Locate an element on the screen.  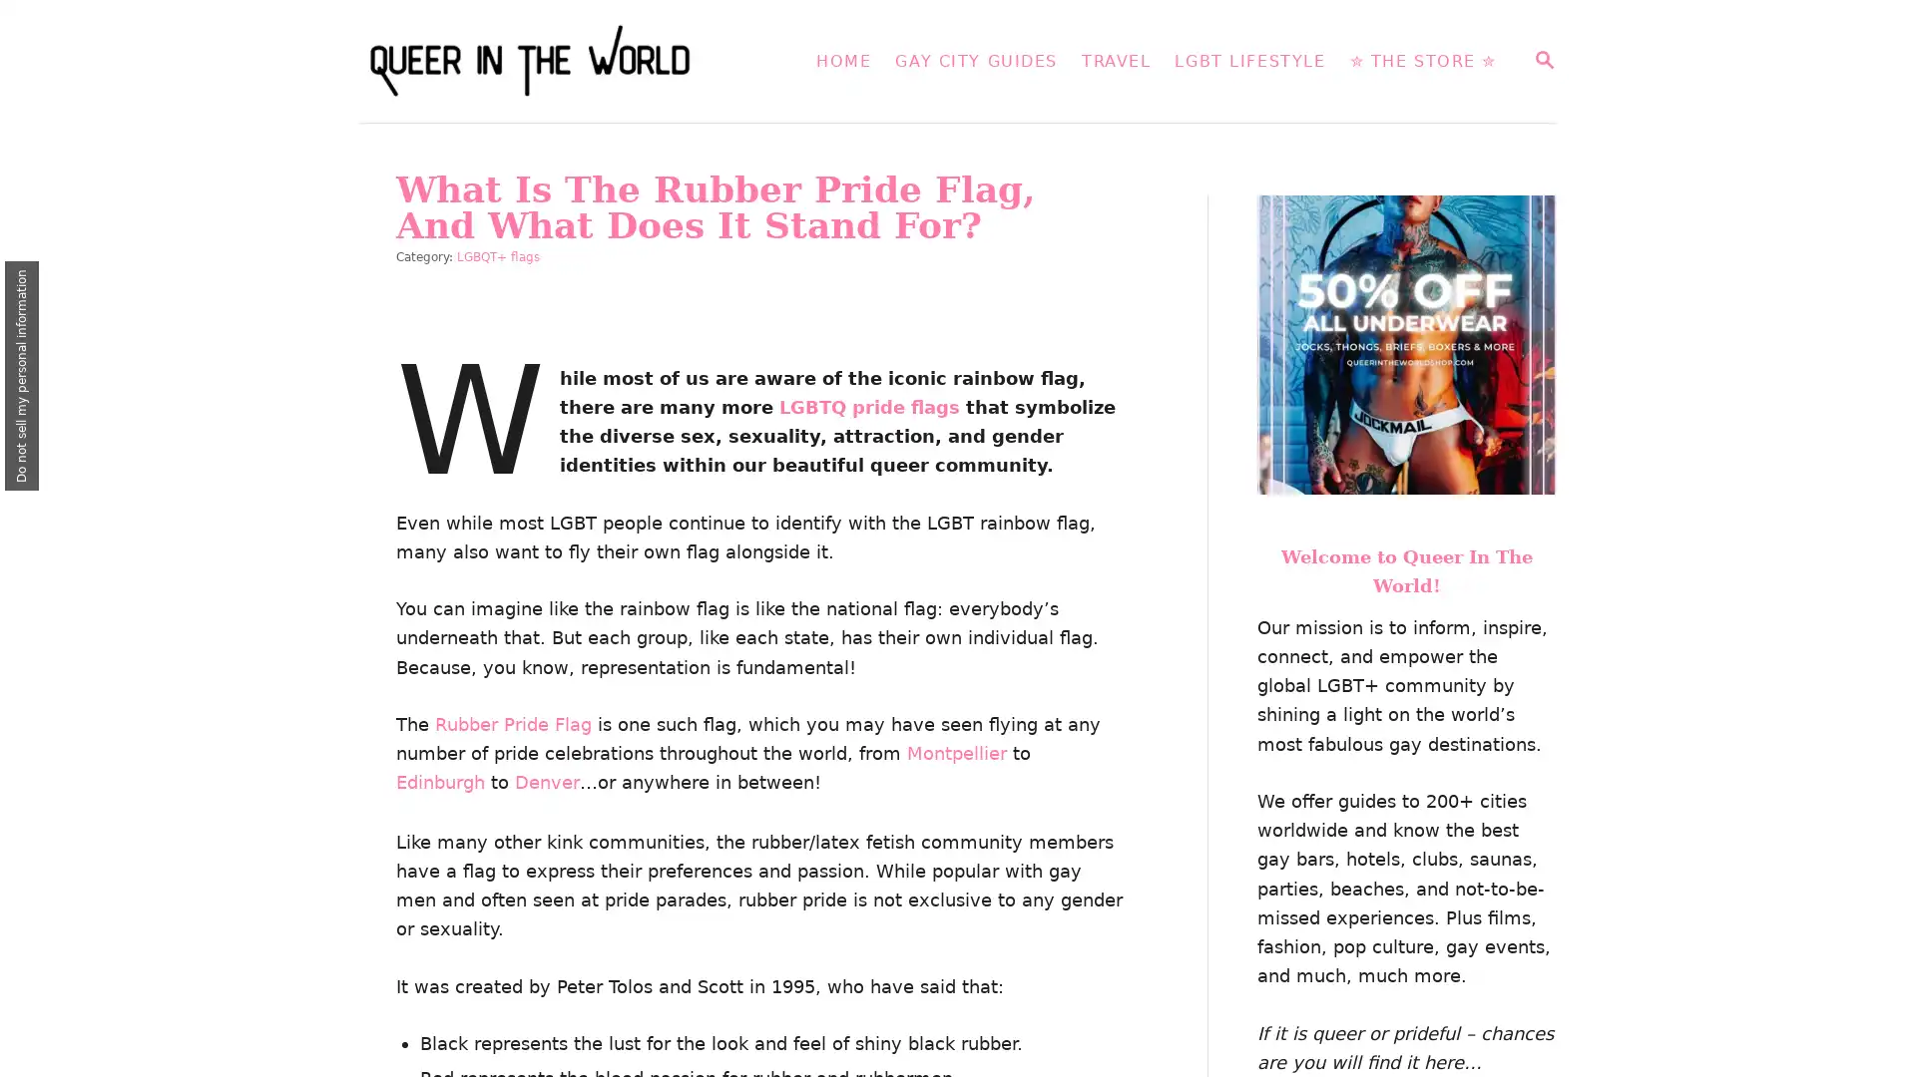
SEARCH Magnifying Glass is located at coordinates (1543, 60).